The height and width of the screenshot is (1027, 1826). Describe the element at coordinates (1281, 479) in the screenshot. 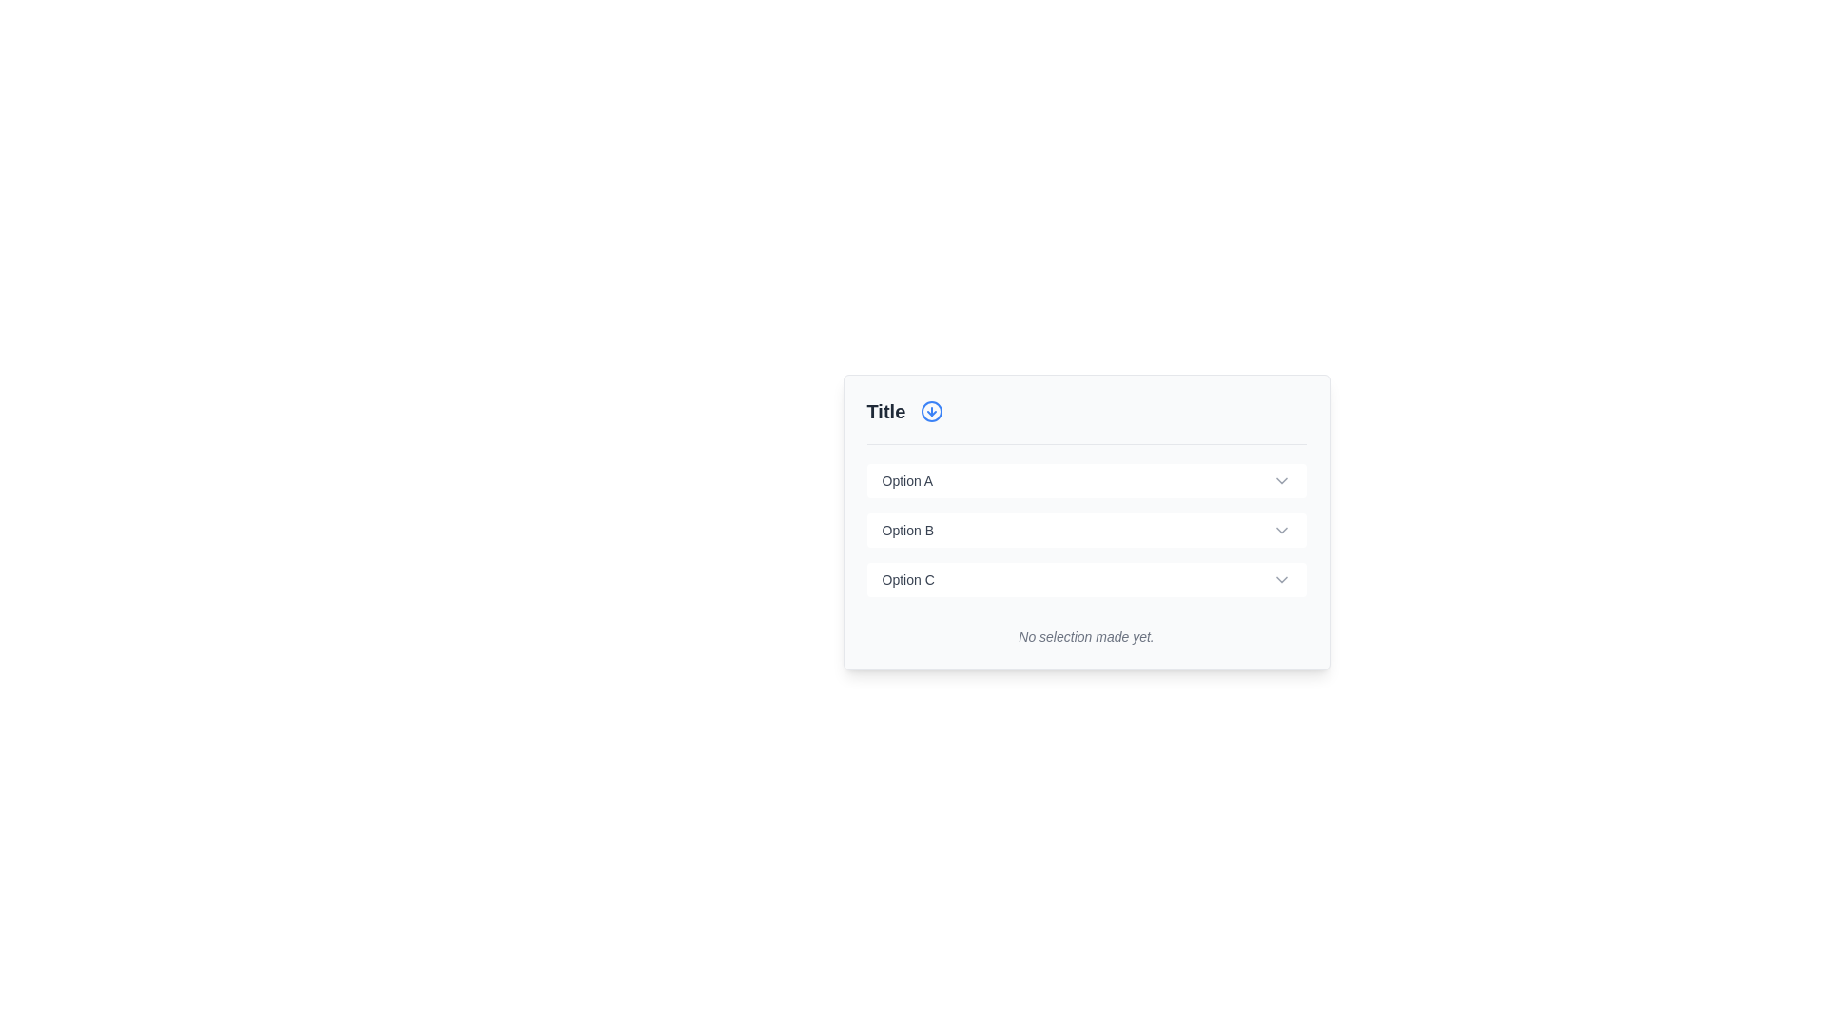

I see `the Dropdown indicator icon in the 'Option A' row` at that location.